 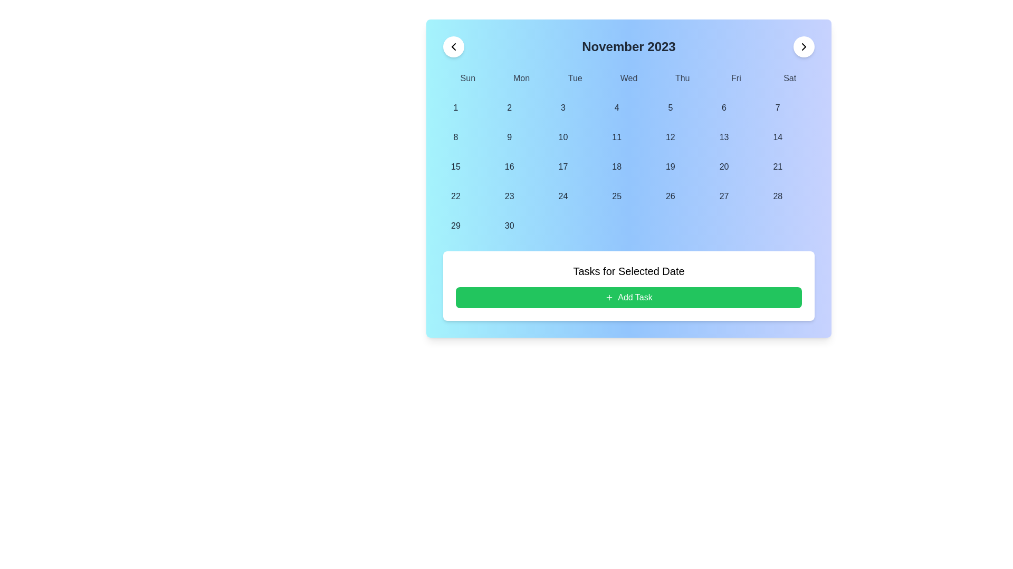 What do you see at coordinates (803, 46) in the screenshot?
I see `the right-facing chevron icon located within the circular button in the top-right corner of the calendar interface` at bounding box center [803, 46].